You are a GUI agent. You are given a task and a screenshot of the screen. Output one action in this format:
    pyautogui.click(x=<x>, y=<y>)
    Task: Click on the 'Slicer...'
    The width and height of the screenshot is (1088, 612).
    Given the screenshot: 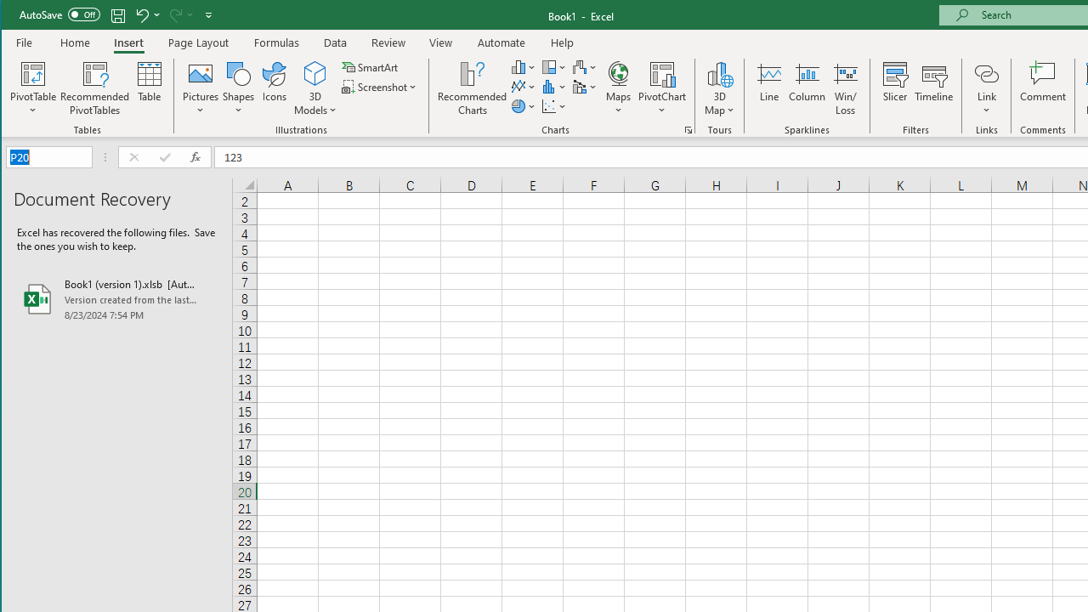 What is the action you would take?
    pyautogui.click(x=893, y=88)
    